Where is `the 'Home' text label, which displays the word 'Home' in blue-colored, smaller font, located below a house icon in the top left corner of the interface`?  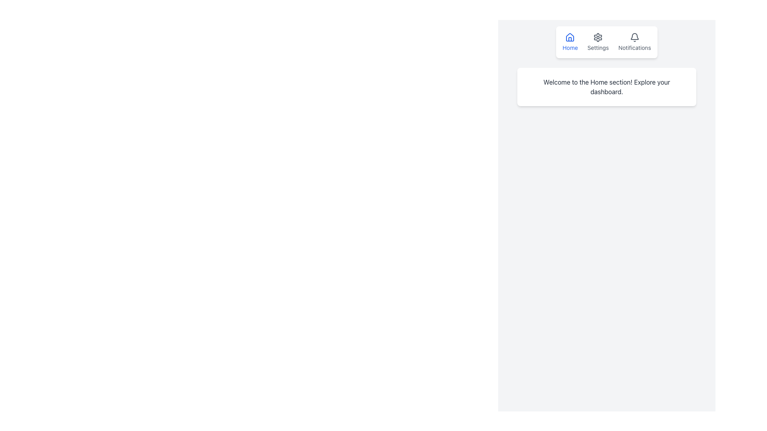
the 'Home' text label, which displays the word 'Home' in blue-colored, smaller font, located below a house icon in the top left corner of the interface is located at coordinates (570, 47).